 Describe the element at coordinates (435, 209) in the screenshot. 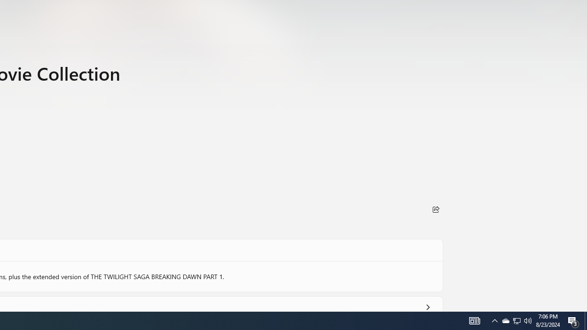

I see `'Share'` at that location.